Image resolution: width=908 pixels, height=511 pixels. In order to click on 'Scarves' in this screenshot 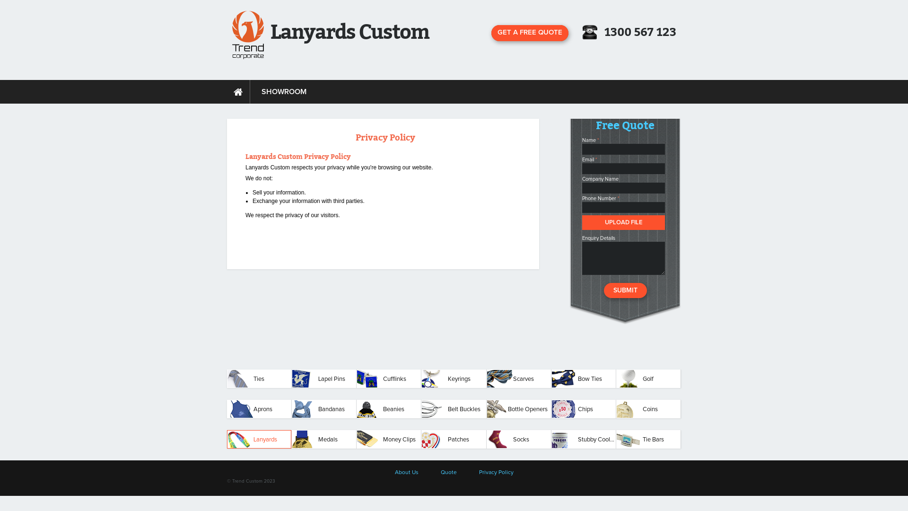, I will do `click(518, 378)`.